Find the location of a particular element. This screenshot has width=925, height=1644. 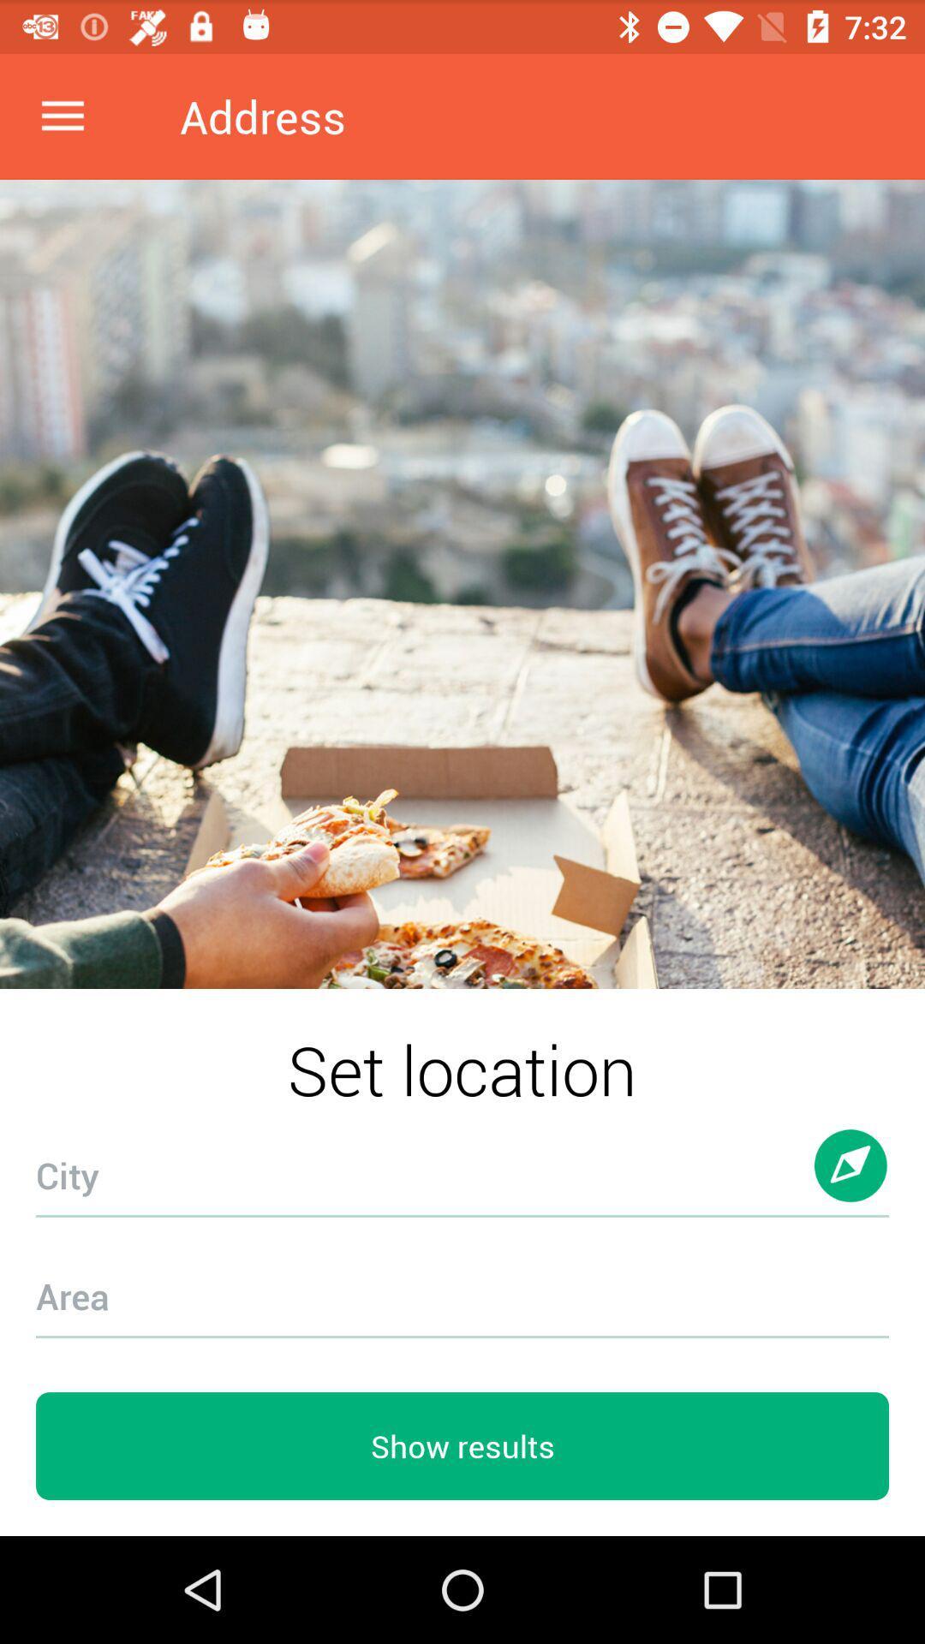

the item at the bottom right corner is located at coordinates (851, 1182).